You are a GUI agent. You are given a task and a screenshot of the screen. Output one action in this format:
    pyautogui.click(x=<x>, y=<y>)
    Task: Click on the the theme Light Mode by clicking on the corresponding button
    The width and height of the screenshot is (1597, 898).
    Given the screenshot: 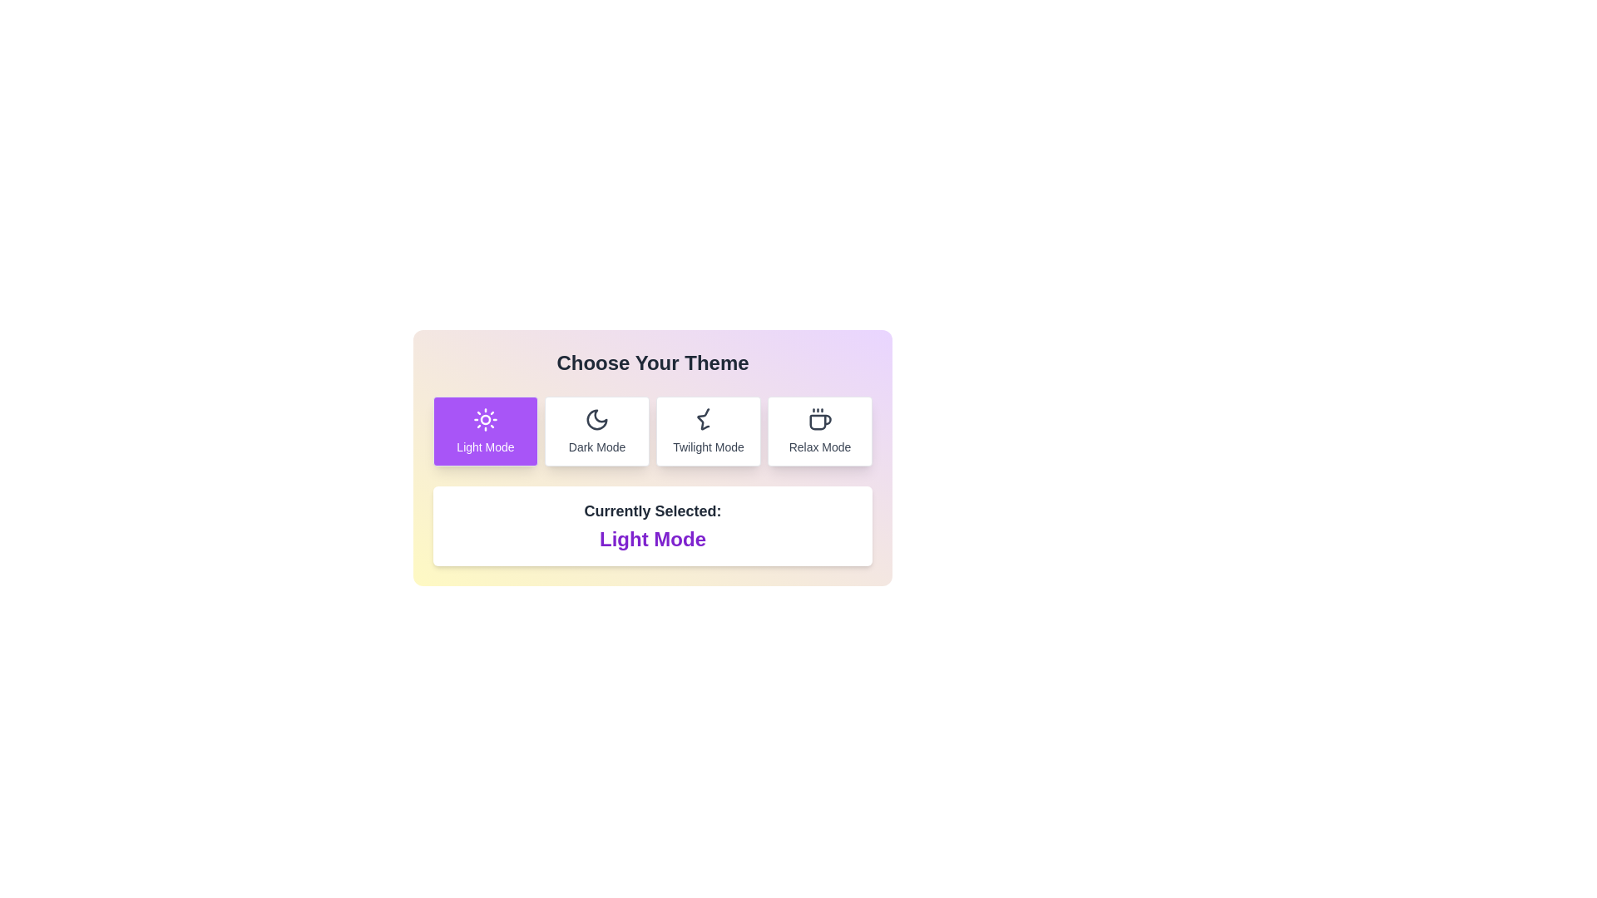 What is the action you would take?
    pyautogui.click(x=485, y=431)
    